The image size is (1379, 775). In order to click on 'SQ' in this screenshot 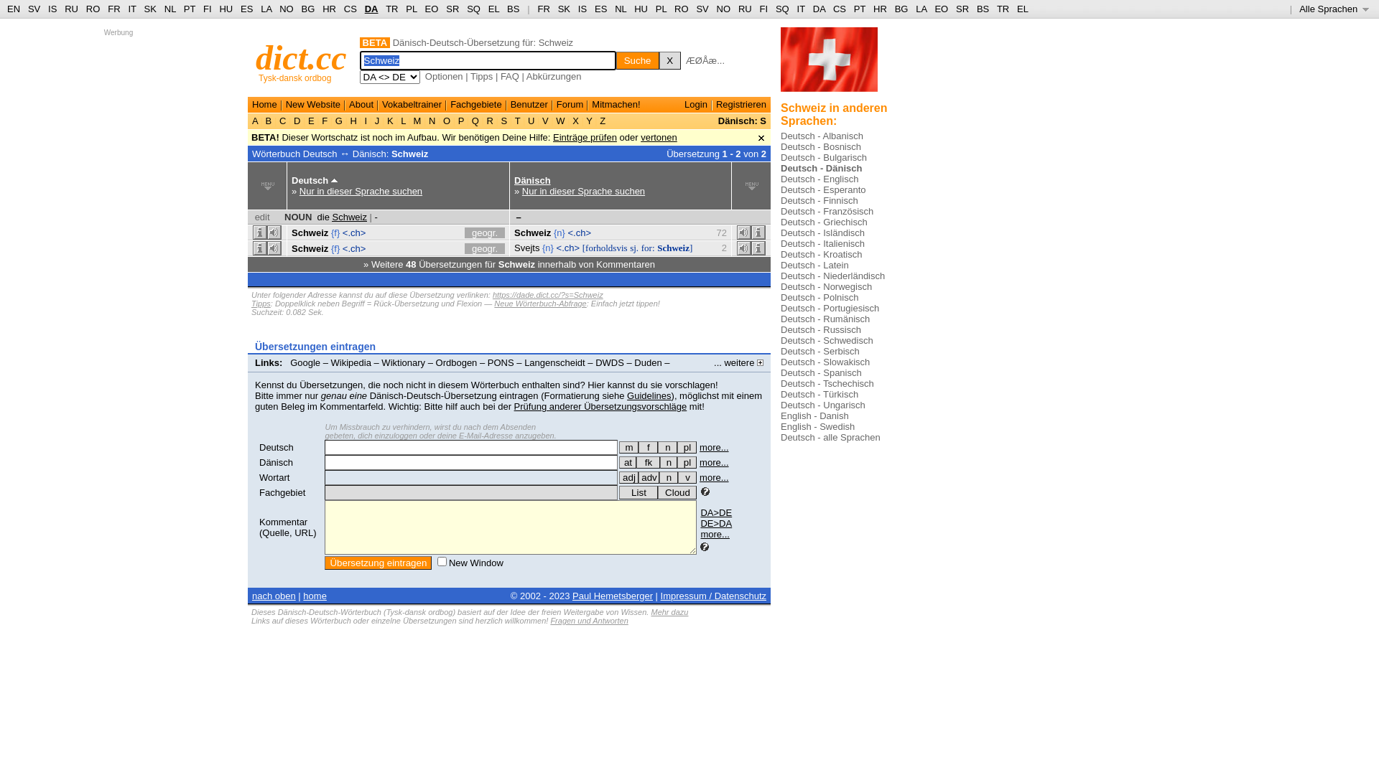, I will do `click(473, 9)`.